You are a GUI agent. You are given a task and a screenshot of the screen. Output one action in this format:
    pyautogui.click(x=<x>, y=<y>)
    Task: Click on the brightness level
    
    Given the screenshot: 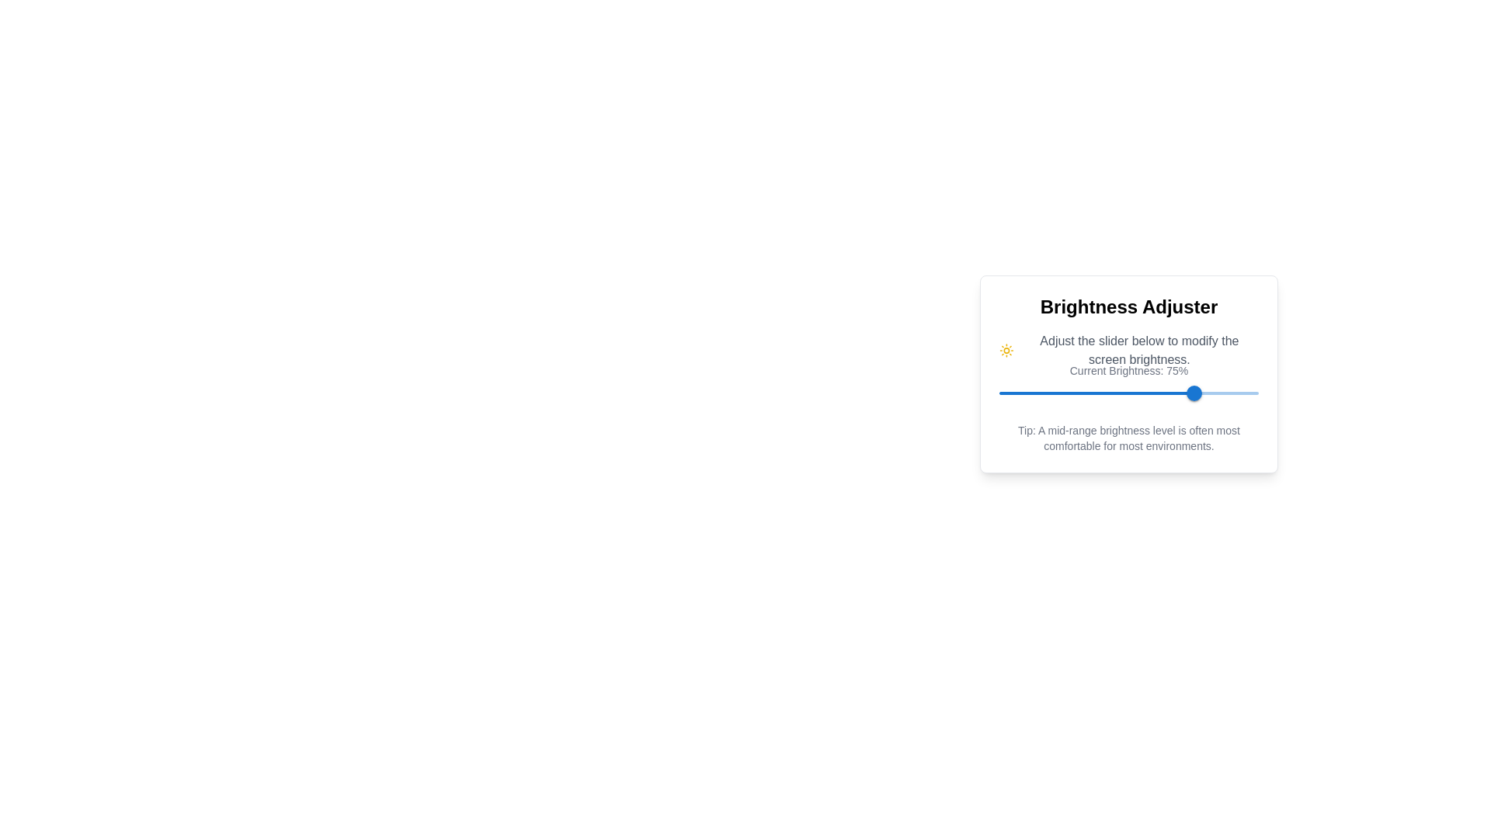 What is the action you would take?
    pyautogui.click(x=1142, y=392)
    